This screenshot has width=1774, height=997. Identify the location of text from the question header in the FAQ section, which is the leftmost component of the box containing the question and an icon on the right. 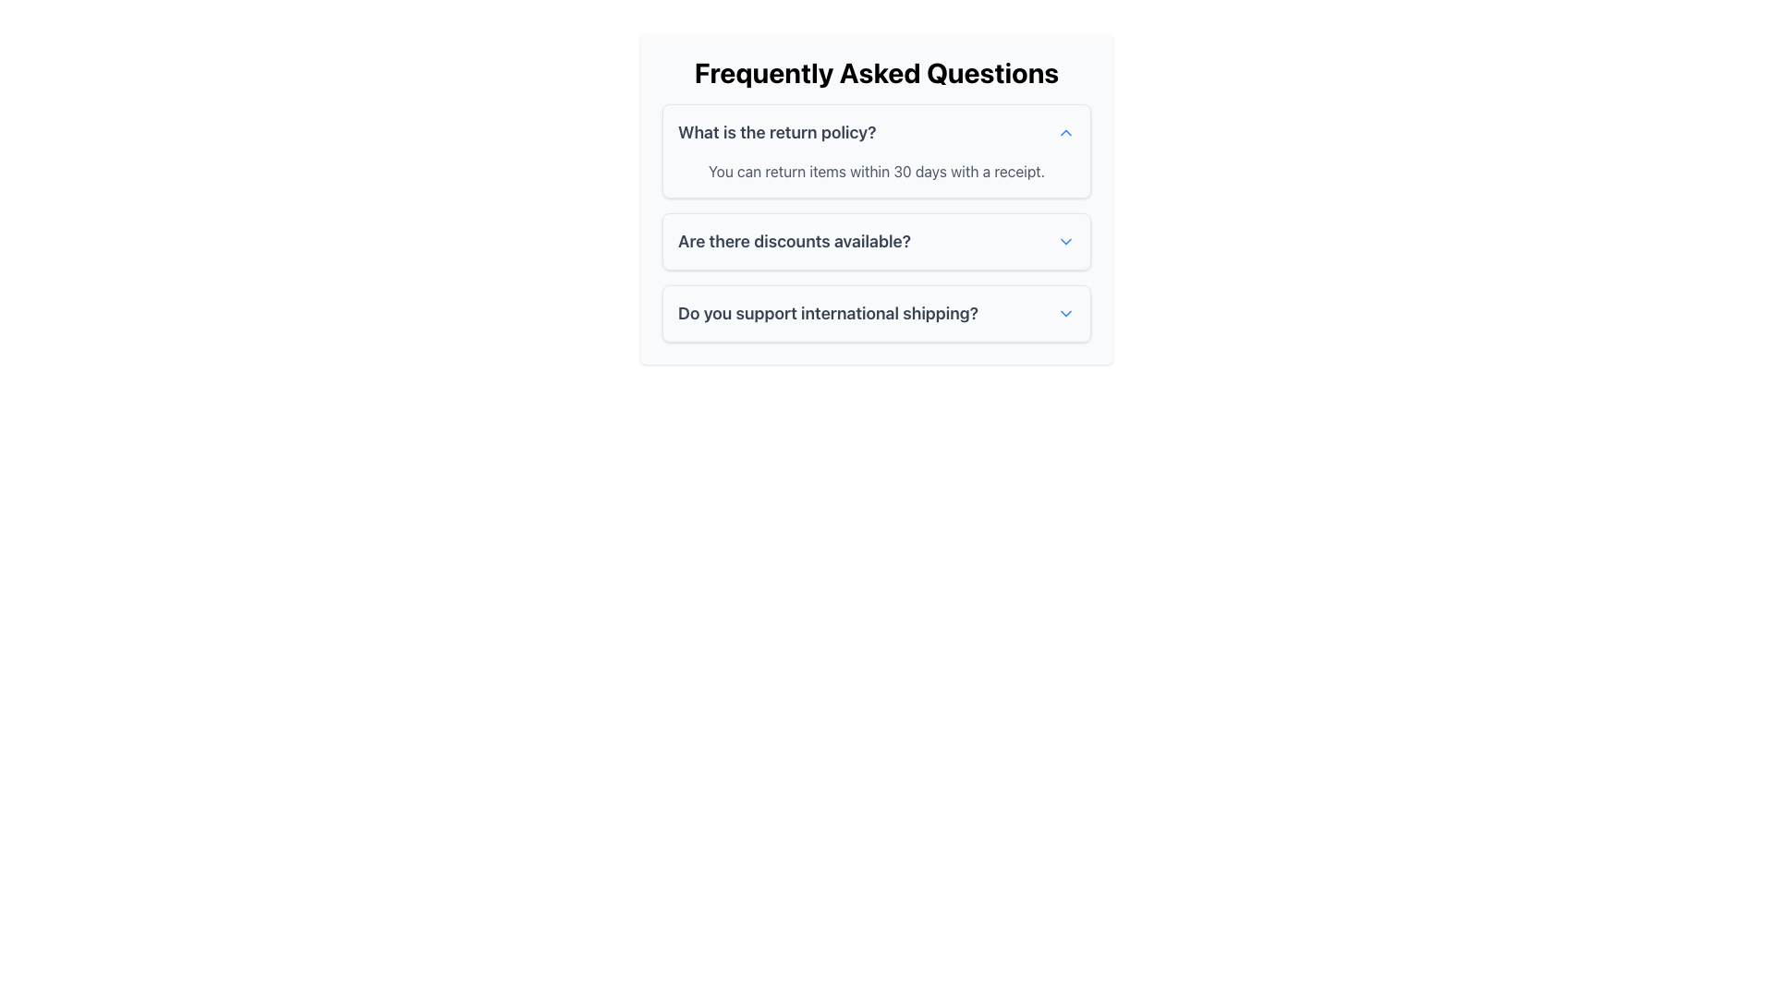
(777, 131).